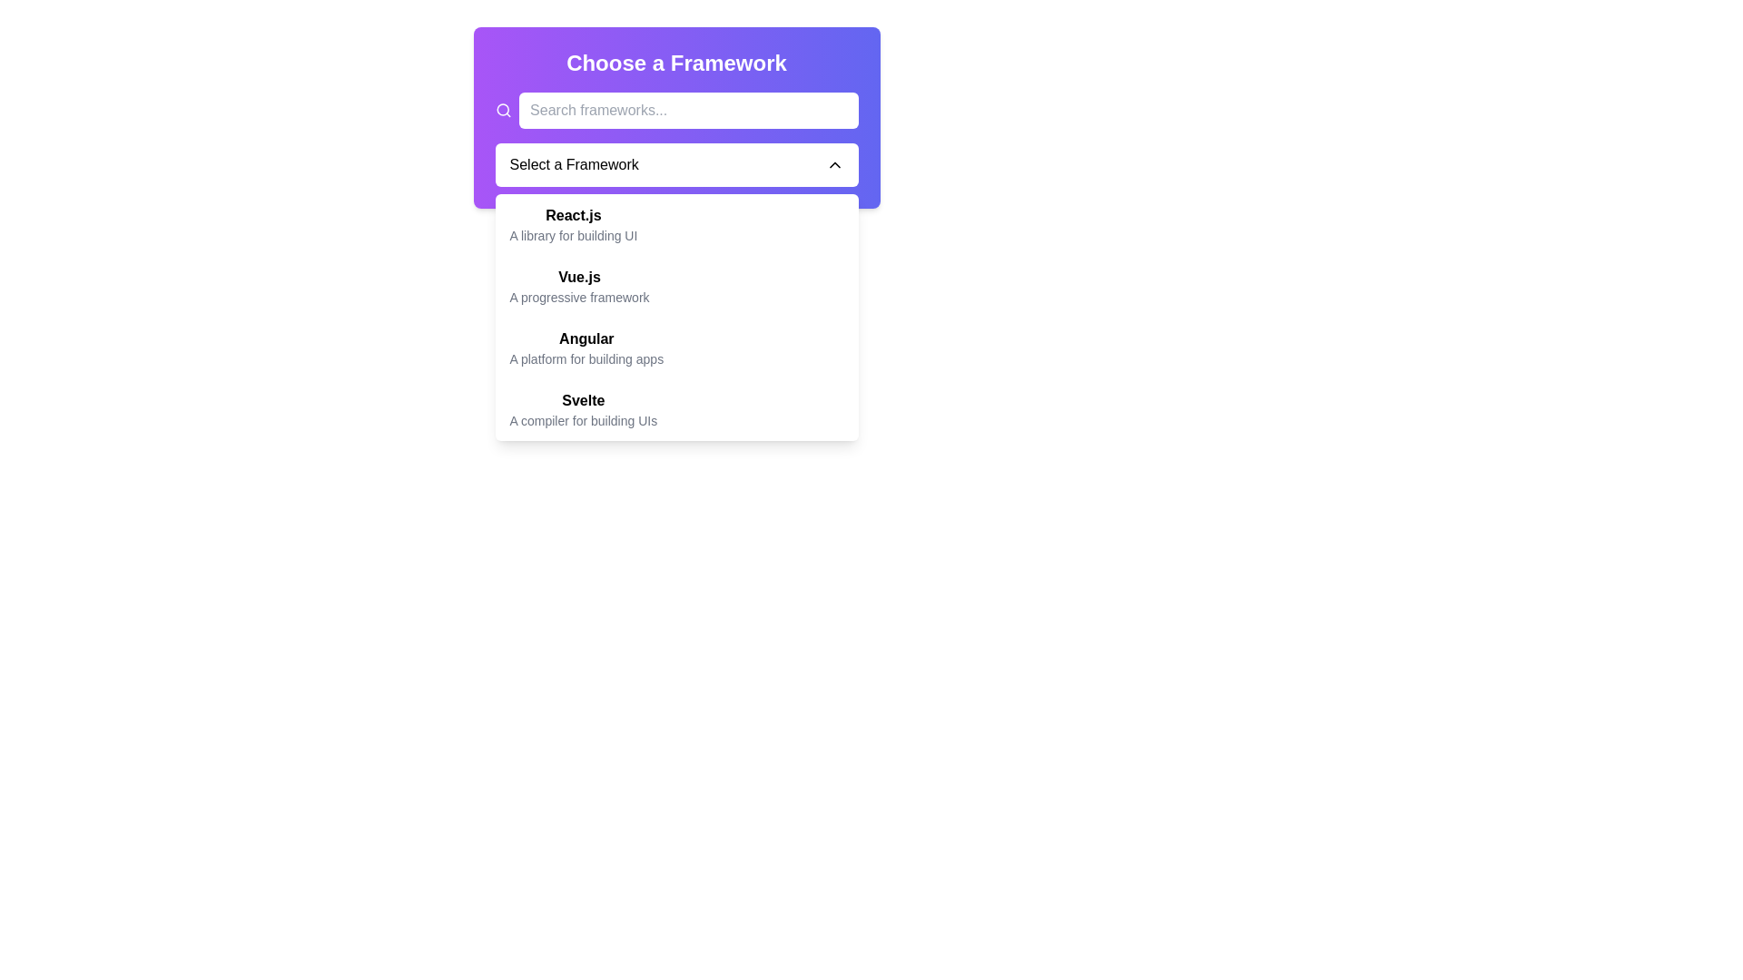  I want to click on the interactive list item labeled 'Svelte' with the description 'A compiler for building UIs', so click(675, 409).